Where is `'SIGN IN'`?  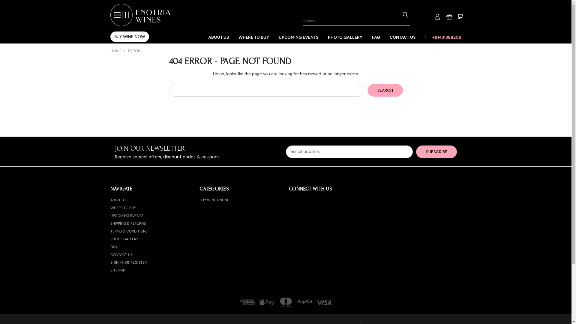
'SIGN IN' is located at coordinates (117, 263).